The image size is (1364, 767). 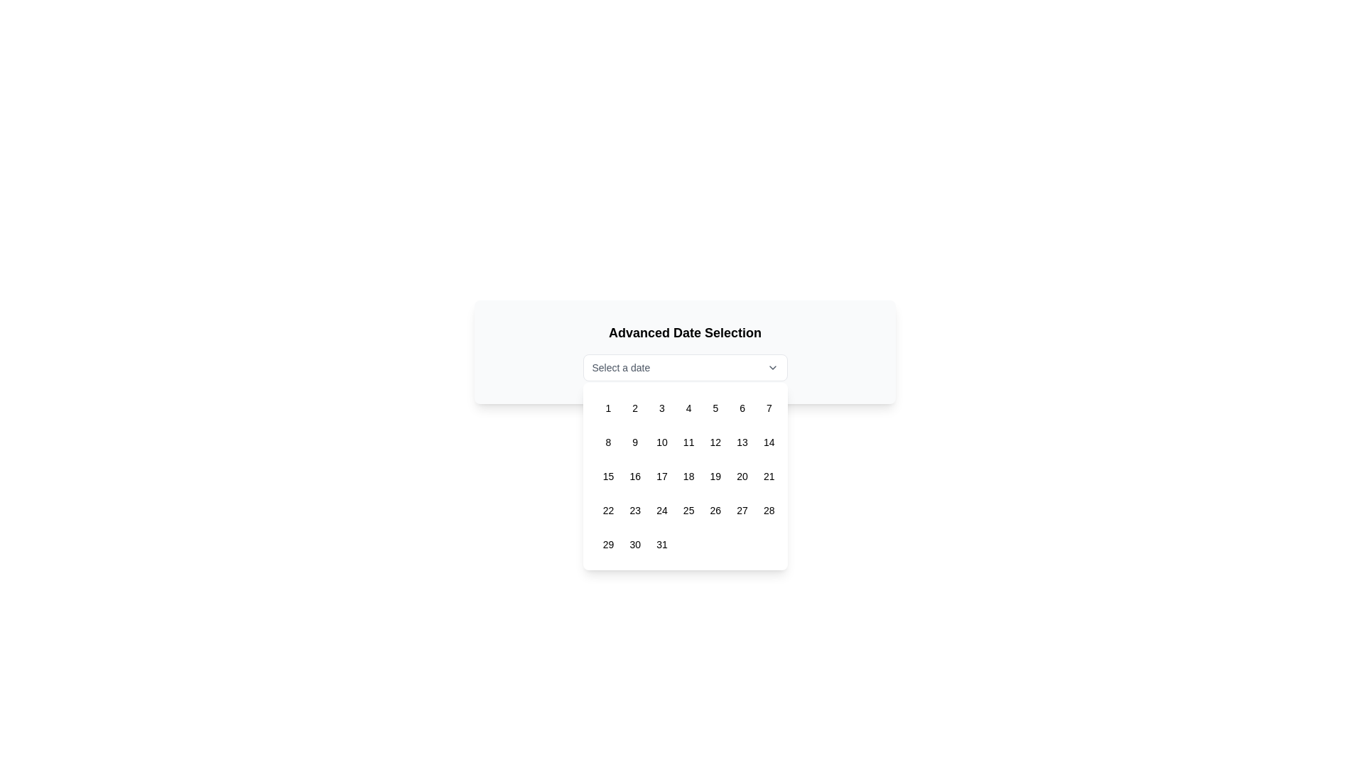 I want to click on the small square button labeled '9' with a white background and black text, so click(x=634, y=442).